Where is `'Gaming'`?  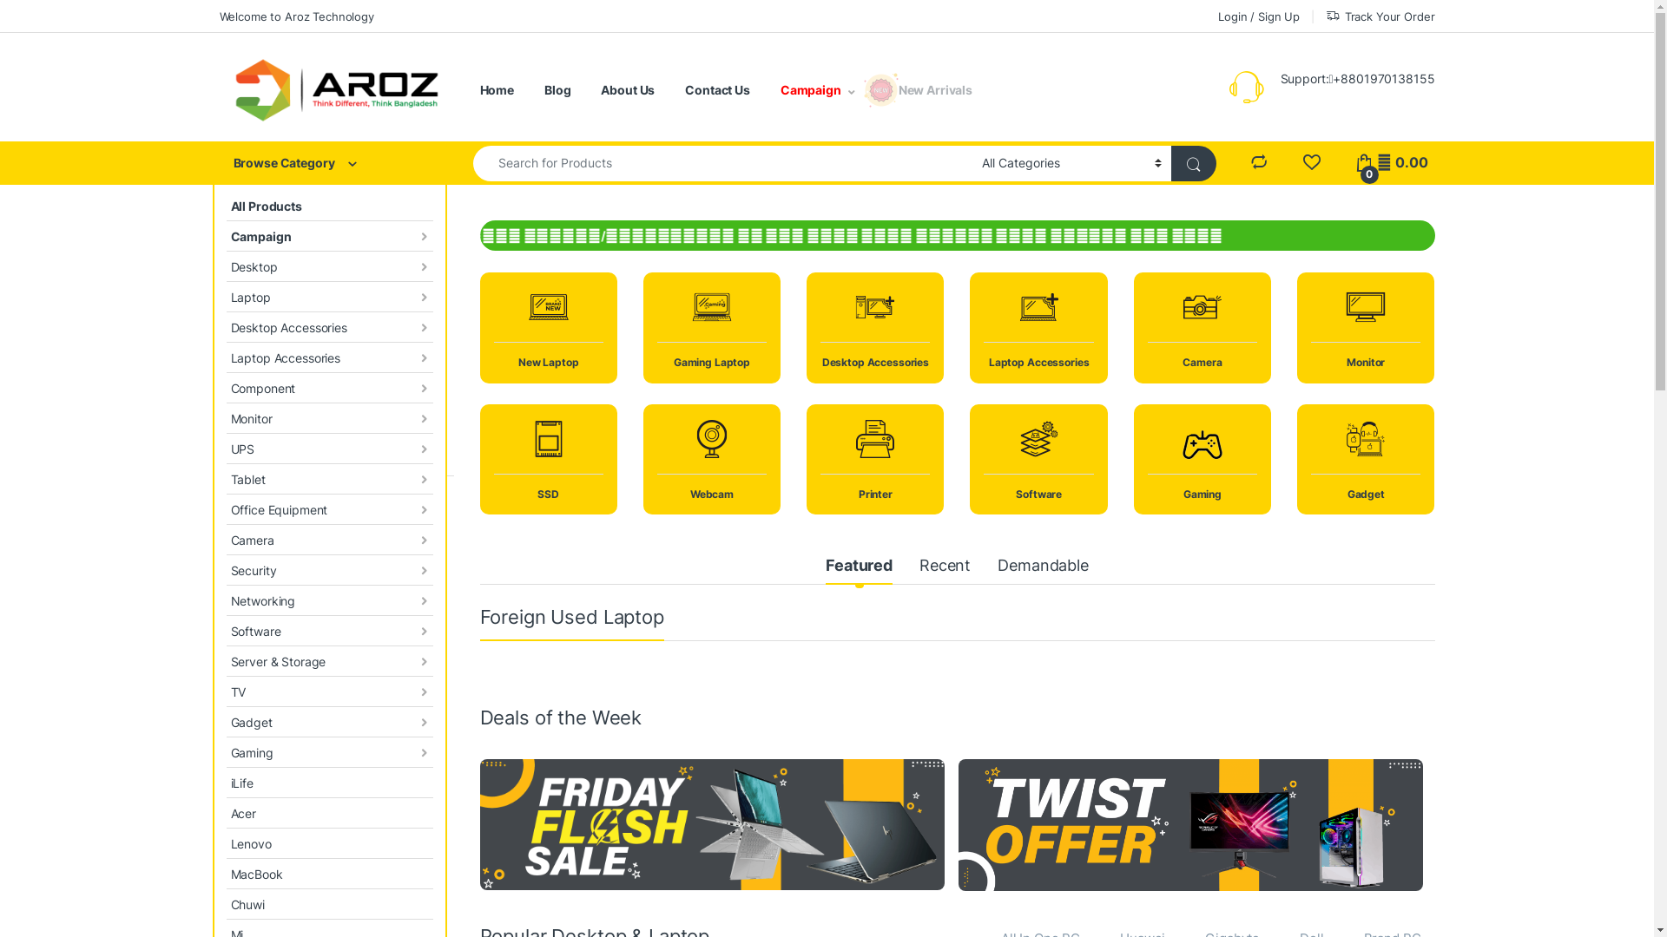
'Gaming' is located at coordinates (329, 751).